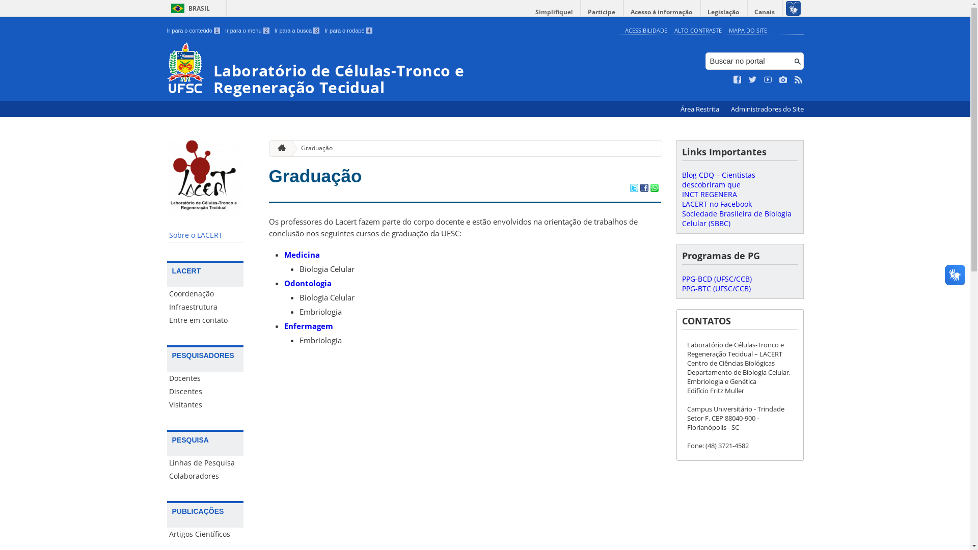  Describe the element at coordinates (307, 283) in the screenshot. I see `'Odontologia'` at that location.